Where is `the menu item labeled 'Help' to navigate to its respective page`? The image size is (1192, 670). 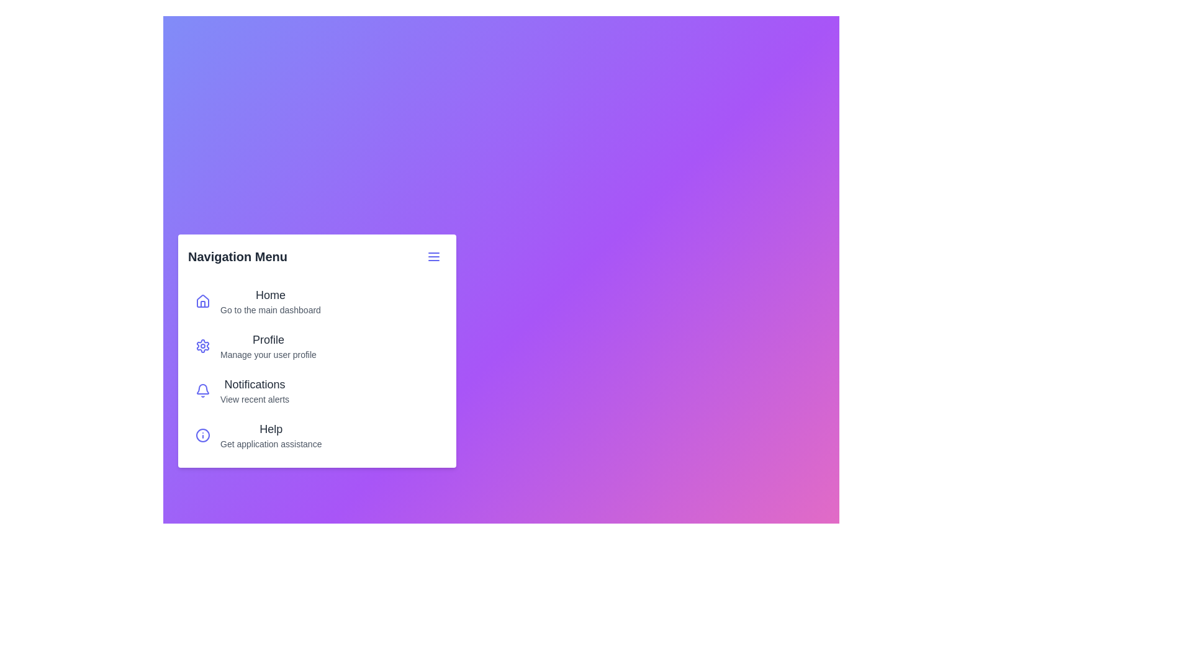
the menu item labeled 'Help' to navigate to its respective page is located at coordinates (317, 435).